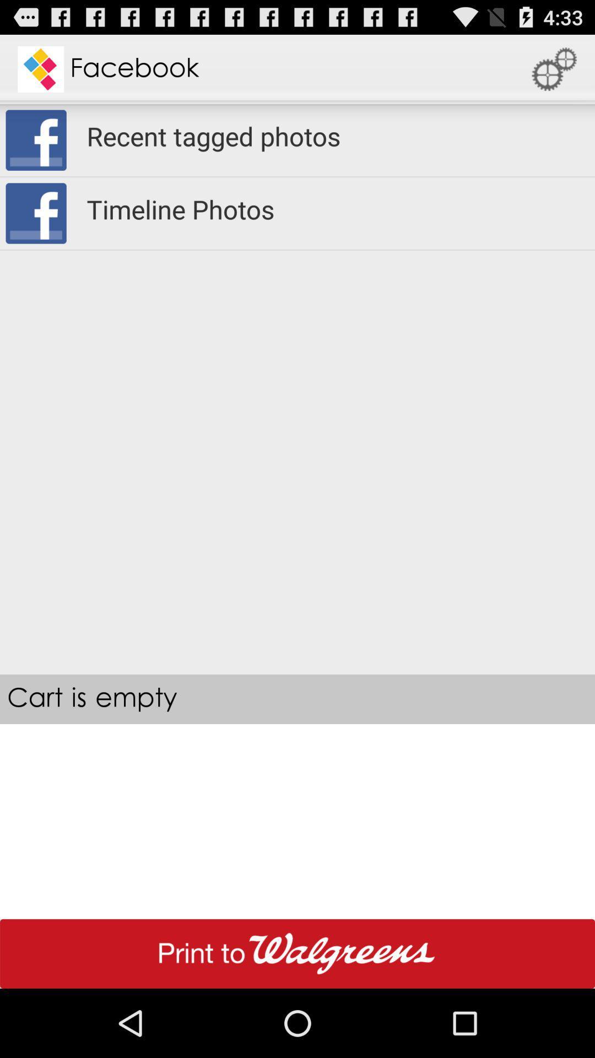 Image resolution: width=595 pixels, height=1058 pixels. Describe the element at coordinates (333, 209) in the screenshot. I see `the timeline photos` at that location.